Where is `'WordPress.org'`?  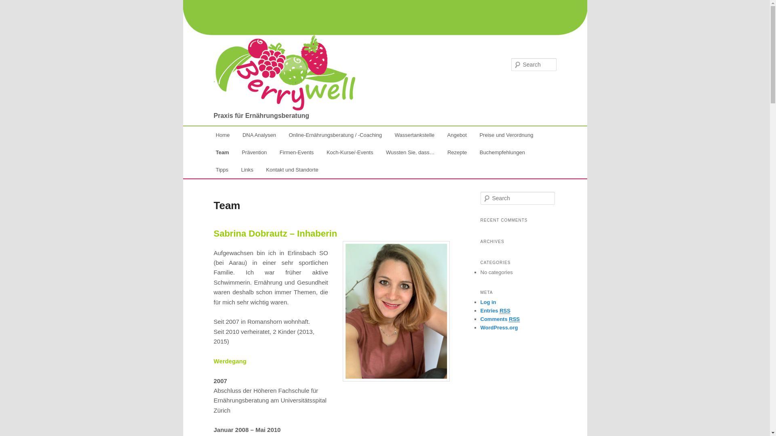 'WordPress.org' is located at coordinates (498, 327).